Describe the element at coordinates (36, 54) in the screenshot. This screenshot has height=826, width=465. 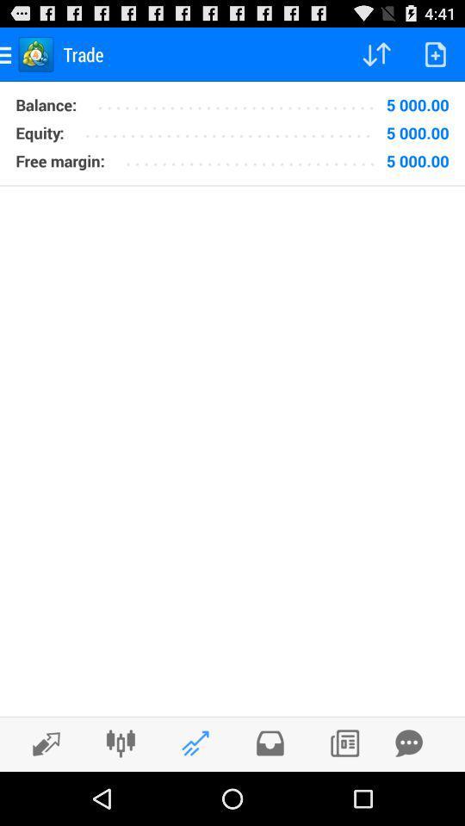
I see `the icon which is left to the trade` at that location.